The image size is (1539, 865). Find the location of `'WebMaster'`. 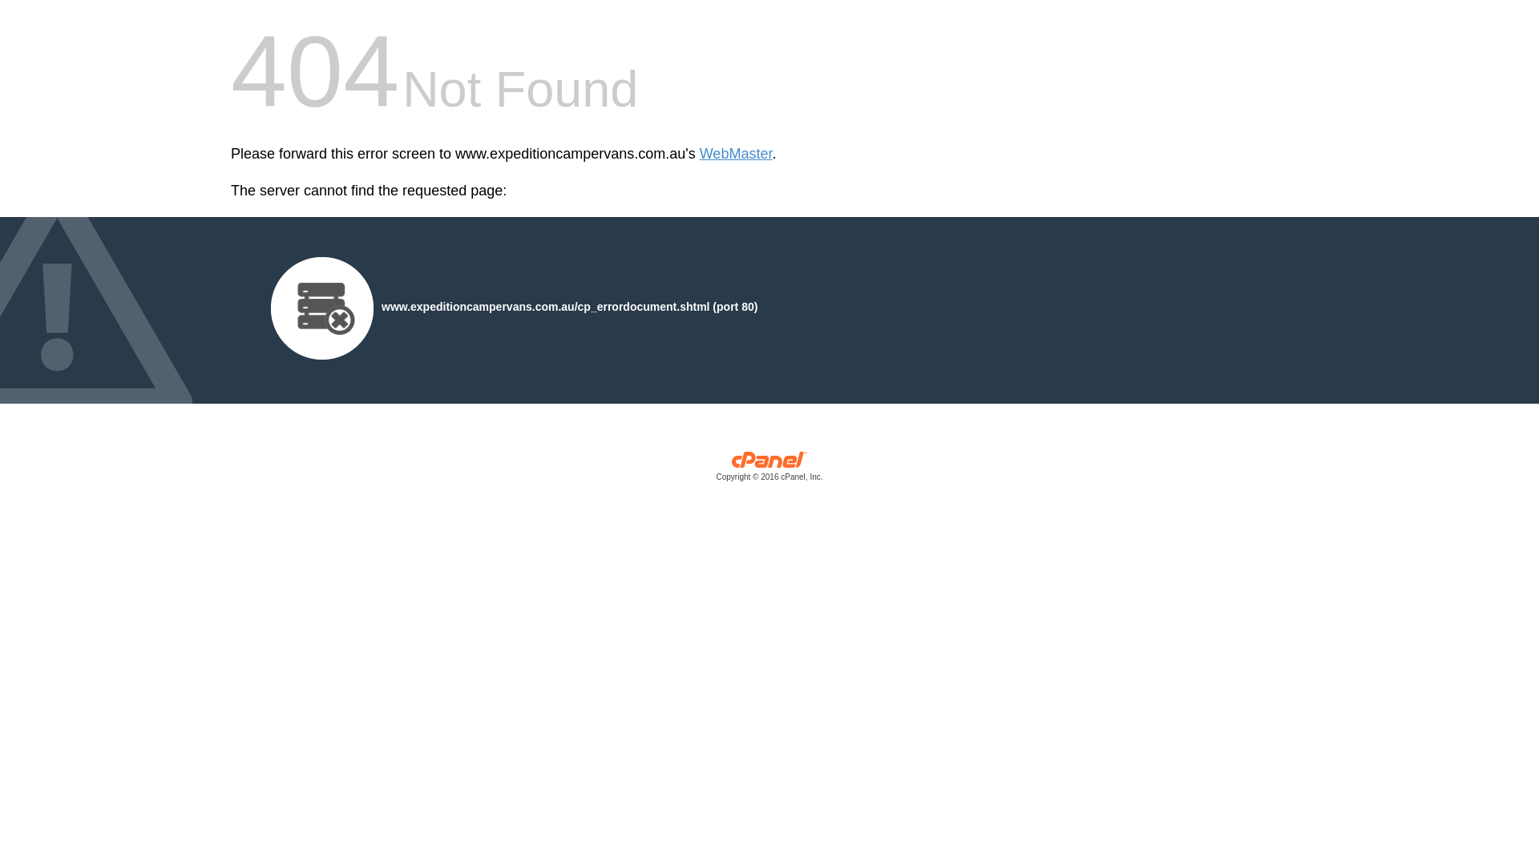

'WebMaster' is located at coordinates (735, 154).